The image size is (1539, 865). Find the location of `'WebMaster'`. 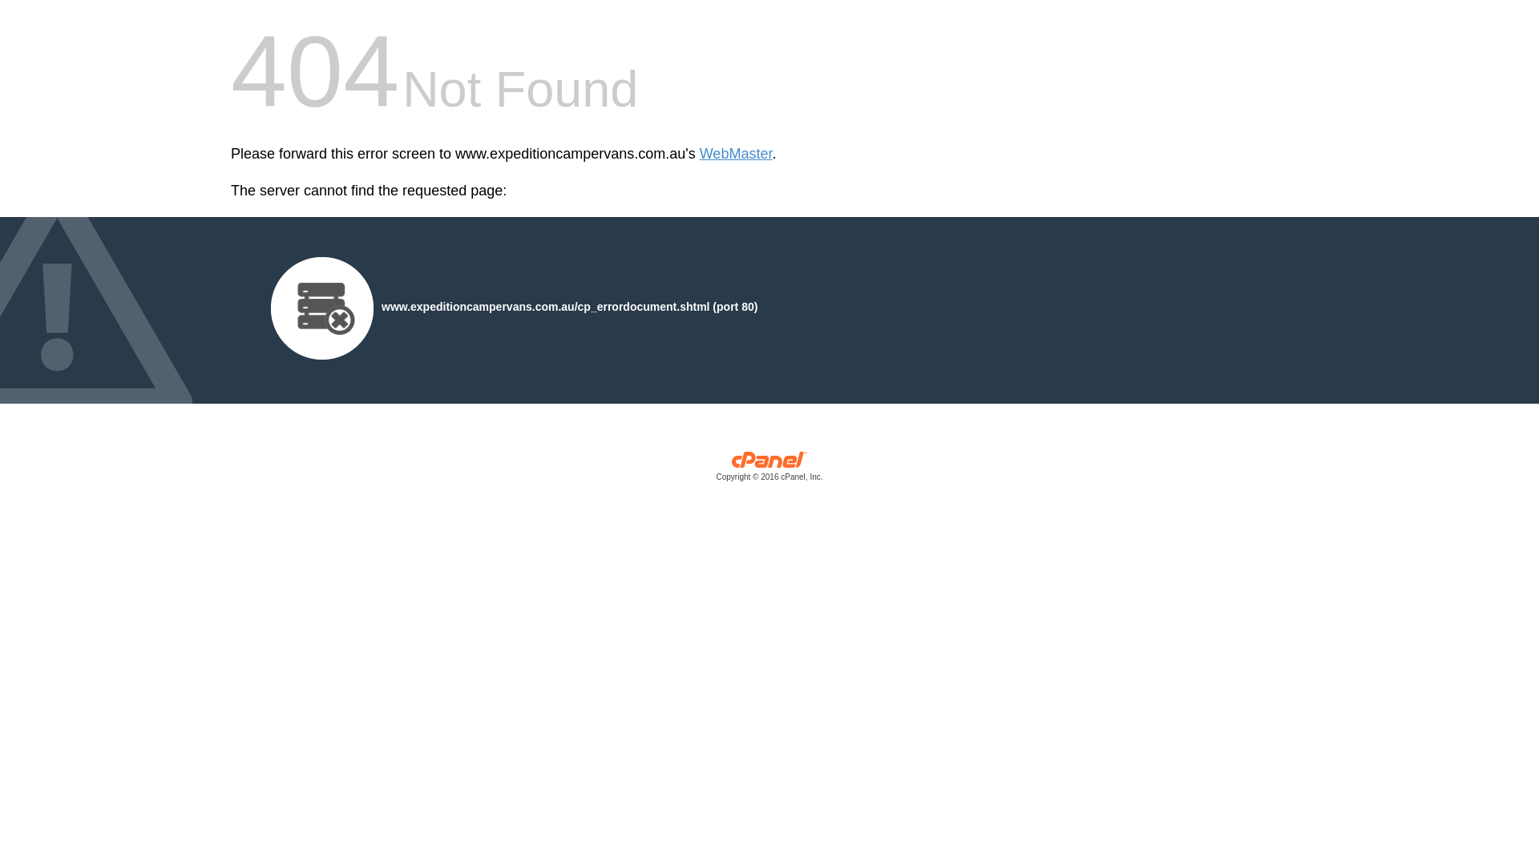

'WebMaster' is located at coordinates (735, 154).